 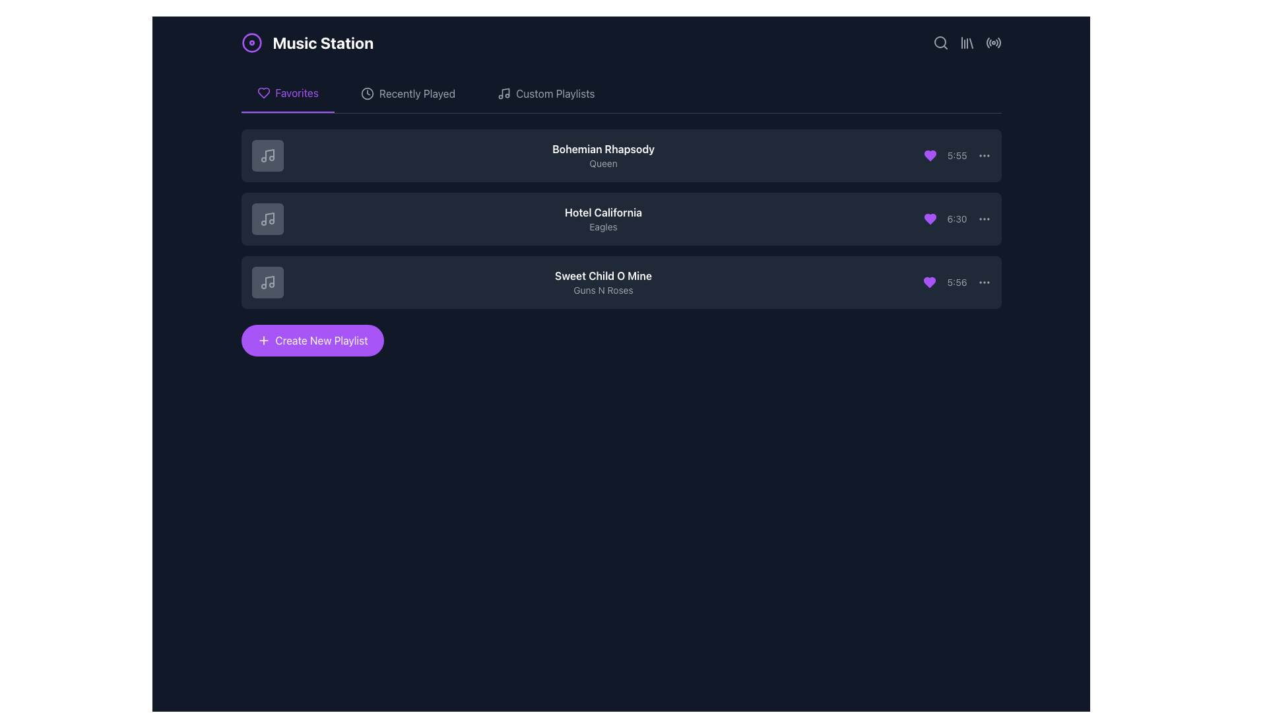 What do you see at coordinates (602, 226) in the screenshot?
I see `the text label displaying 'Eagles' which is styled in a small, gray font and positioned beneath 'Hotel California'` at bounding box center [602, 226].